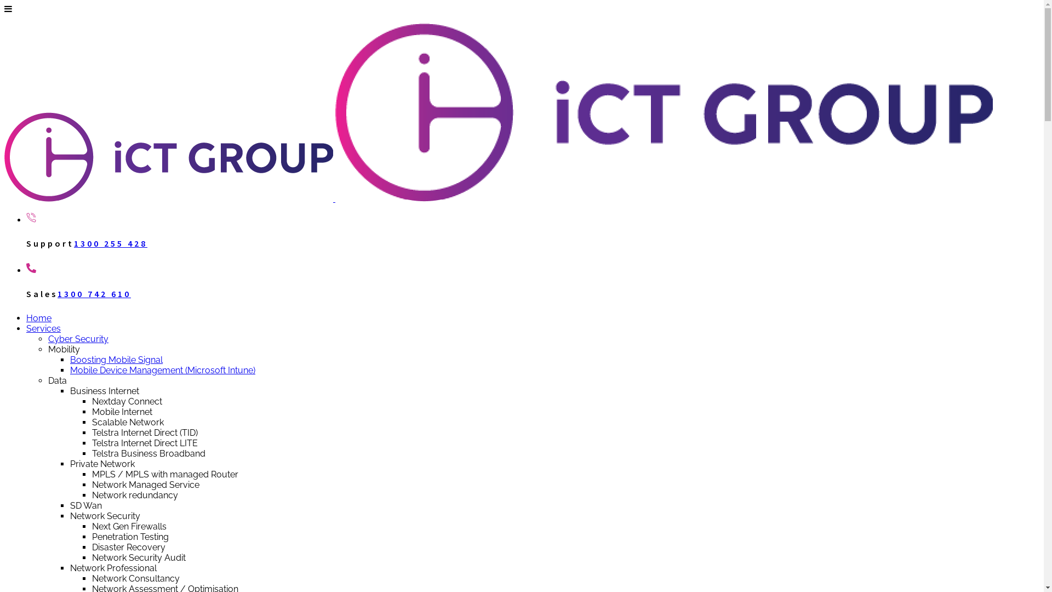  Describe the element at coordinates (63, 349) in the screenshot. I see `'Mobility'` at that location.